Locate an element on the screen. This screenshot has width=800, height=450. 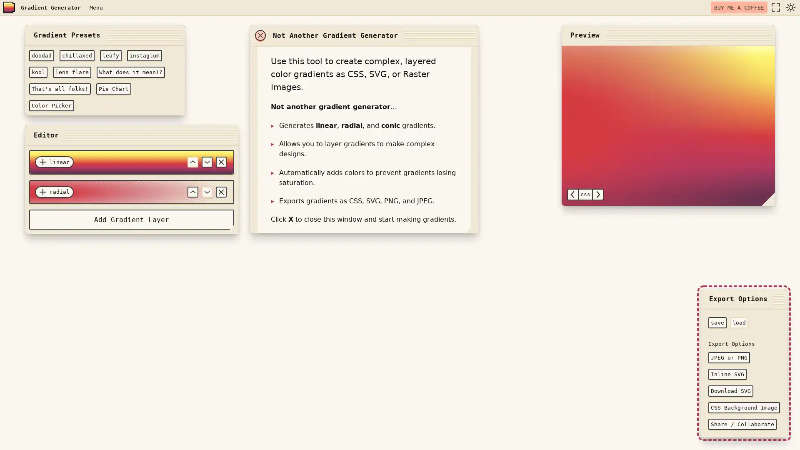
close window is located at coordinates (260, 35).